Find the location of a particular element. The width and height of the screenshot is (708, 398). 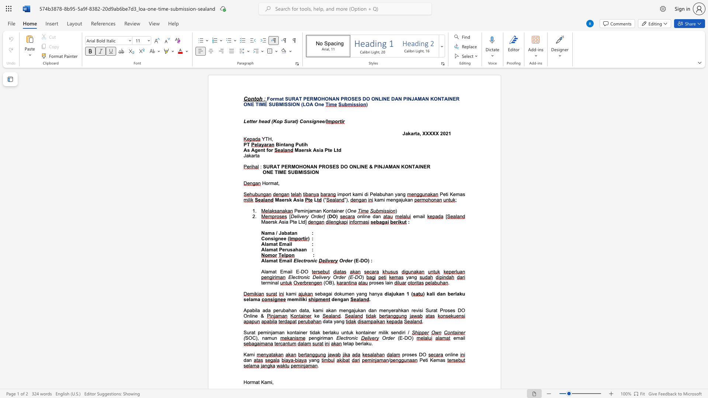

the subset text "rs" within the text "Maersk Asia" is located at coordinates (284, 200).